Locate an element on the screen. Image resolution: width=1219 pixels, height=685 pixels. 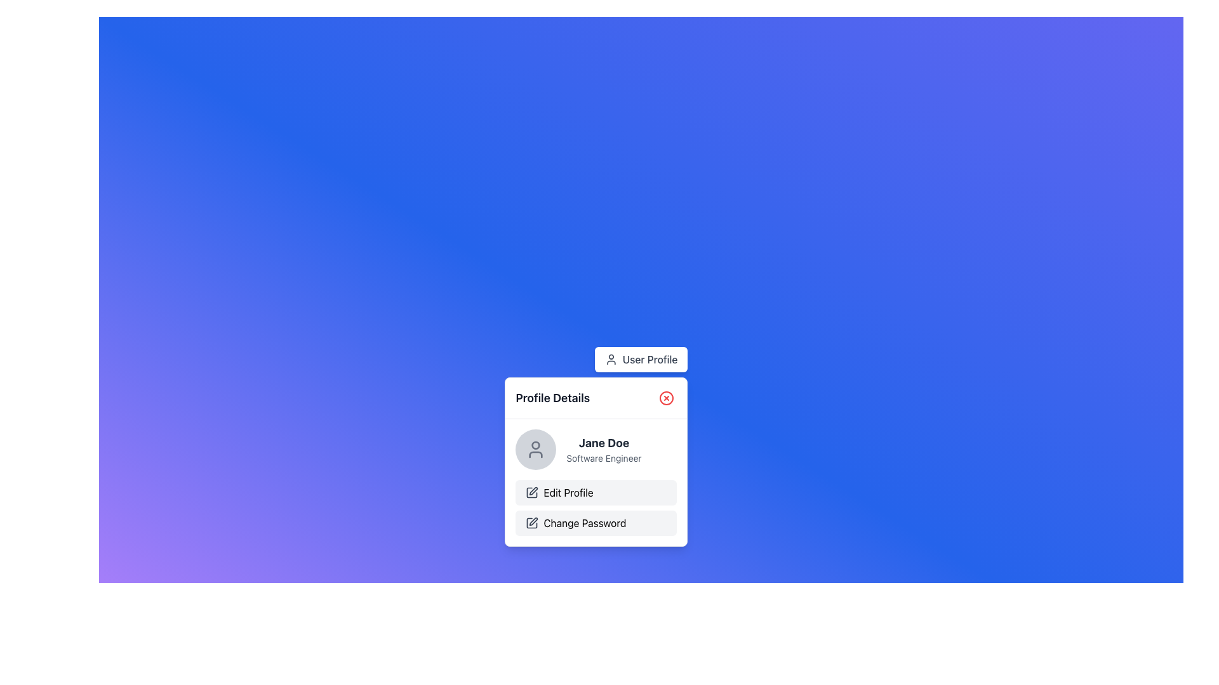
the 'Change Password' button, which is a horizontally-aligned button with a gray background and a pen icon on the left, located within a context menu below 'Edit Profile' is located at coordinates (596, 523).